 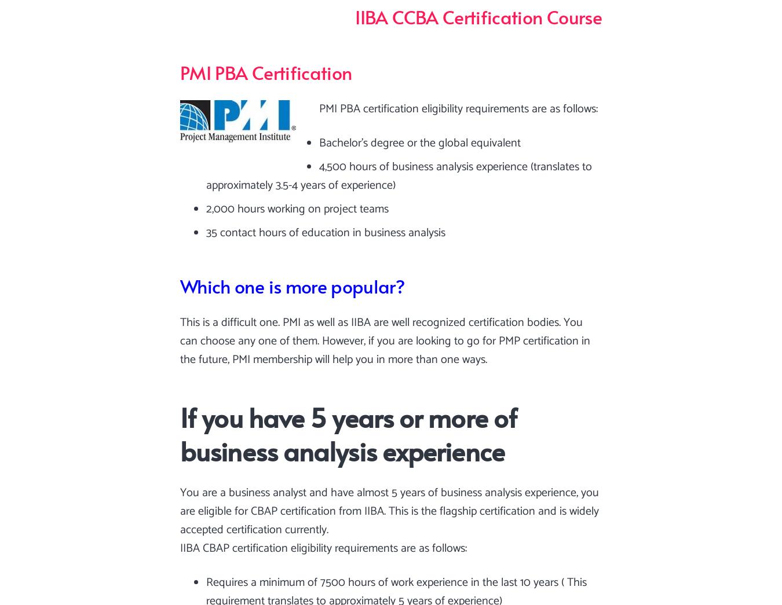 I want to click on 'You are a business analyst and have almost 5 years of business analysis experience, you are eligible for CBAP certification from IIBA. This is the flagship certification and is widely accepted certification currently.', so click(x=389, y=511).